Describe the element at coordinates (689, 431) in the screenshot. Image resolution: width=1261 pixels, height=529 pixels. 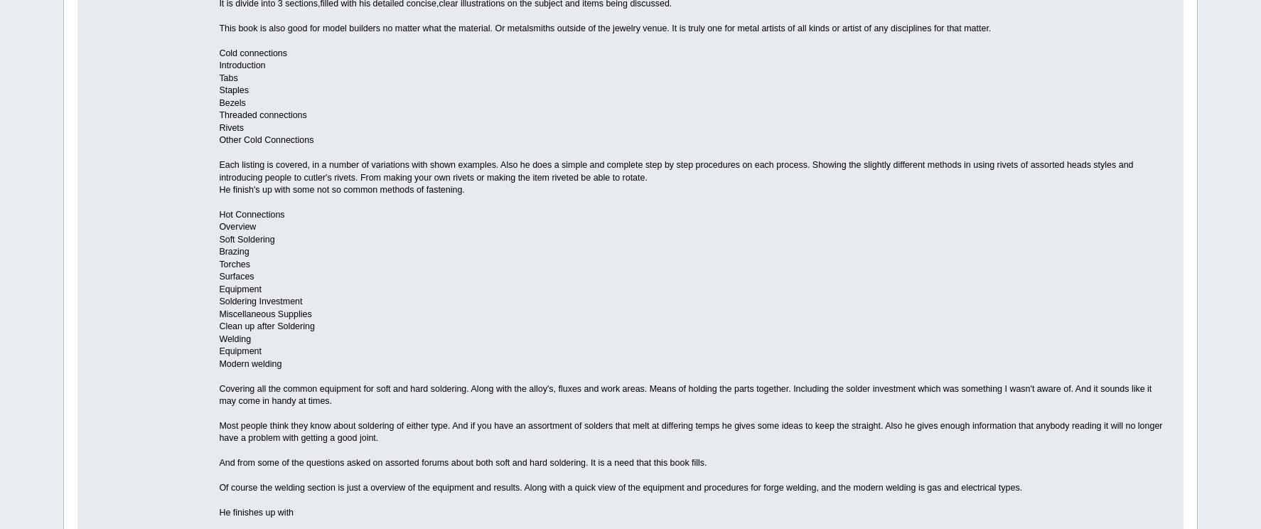
I see `'Most people think they know about soldering of either type. And if you have an assortment of solders that melt at differing temps he gives some ideas to keep the straight. Also he gives enough information that anybody reading it will no longer have a problem with getting a good joint.'` at that location.